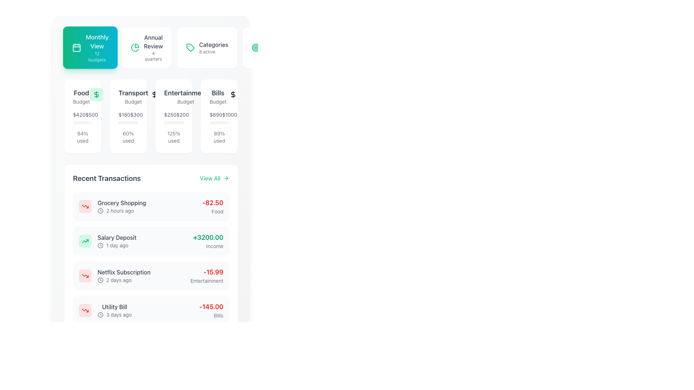 The width and height of the screenshot is (694, 390). Describe the element at coordinates (170, 114) in the screenshot. I see `the Text Label displaying '$250' in gray font, indicating the budget for Entertainment, located in the budget overview section` at that location.